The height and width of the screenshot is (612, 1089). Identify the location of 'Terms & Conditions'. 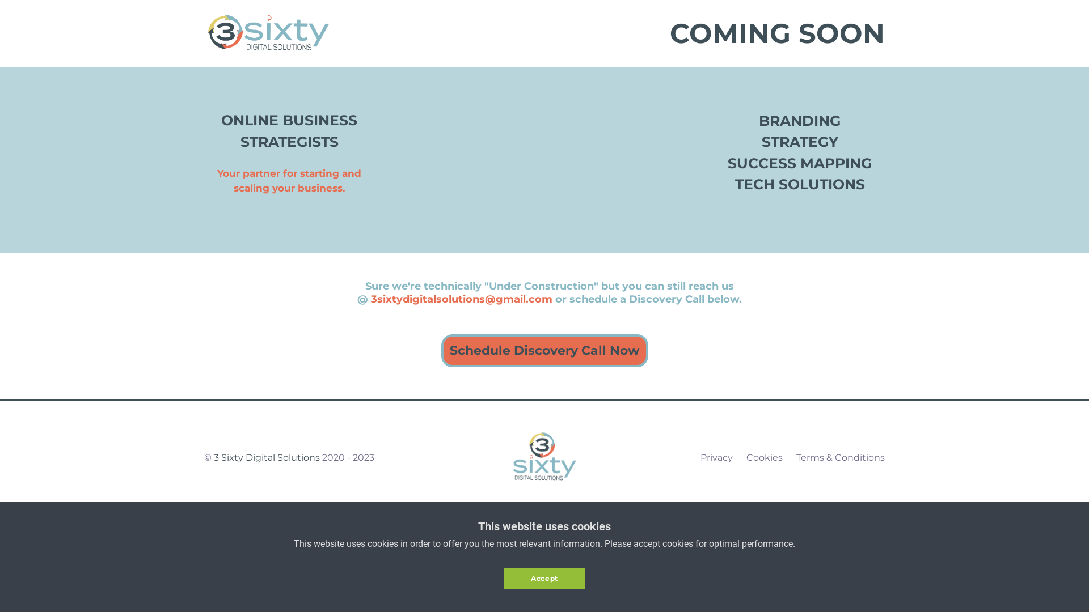
(795, 457).